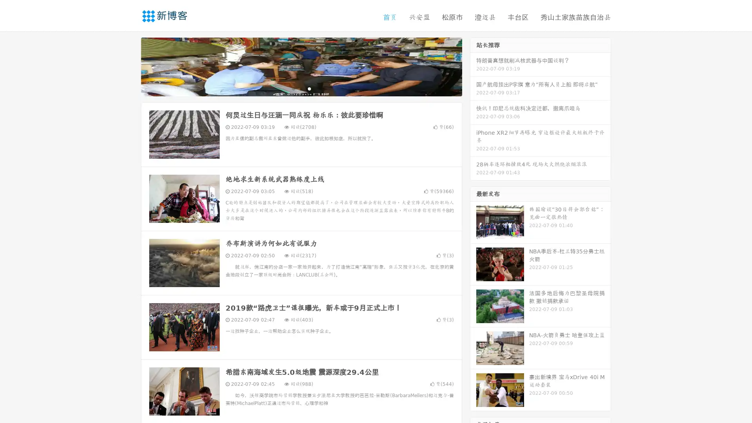  What do you see at coordinates (309, 88) in the screenshot?
I see `Go to slide 3` at bounding box center [309, 88].